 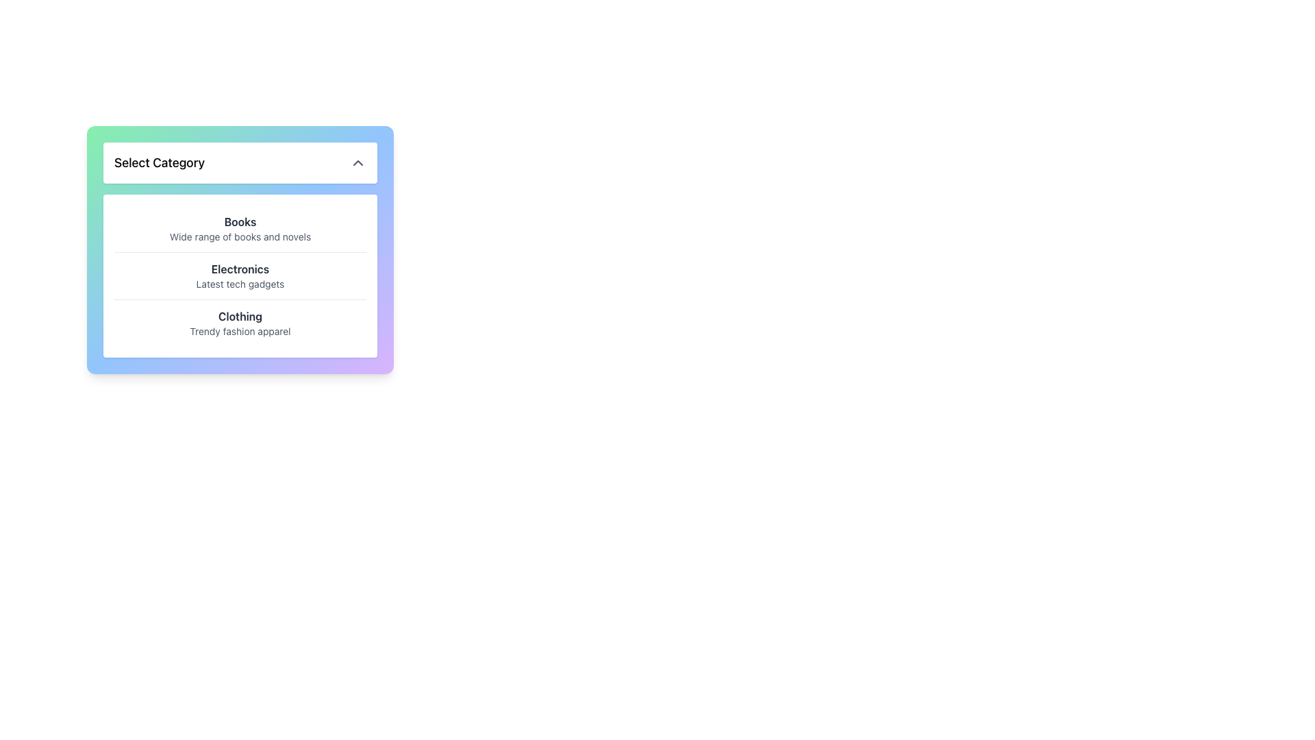 What do you see at coordinates (358, 162) in the screenshot?
I see `the upward-pointing dark gray chevron icon located on the right side of the 'Select Category' dropdown header` at bounding box center [358, 162].